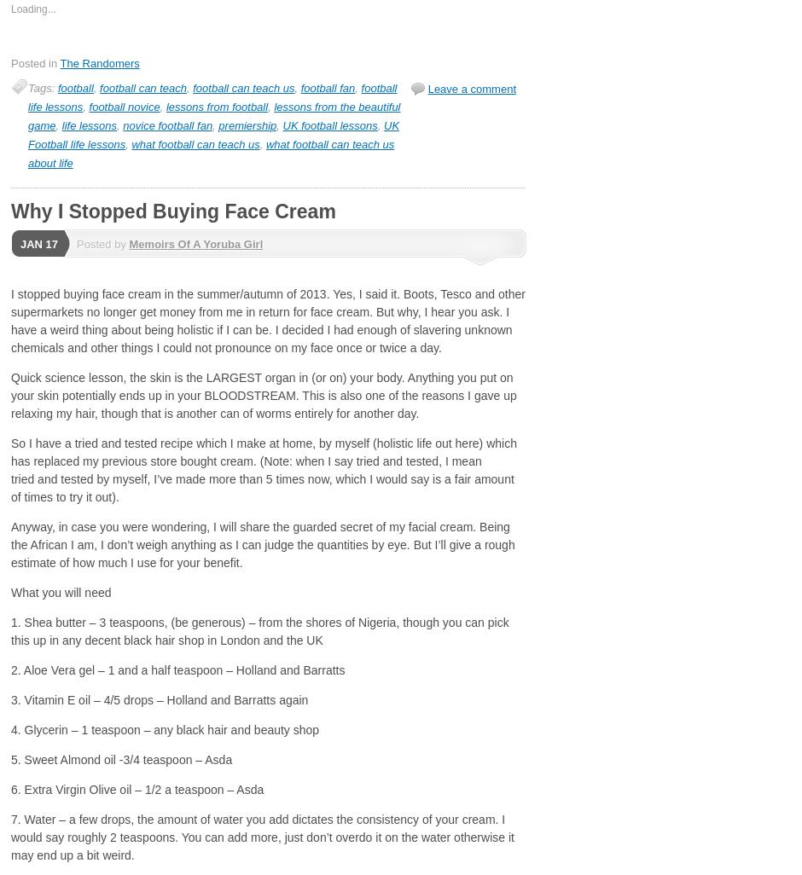 The image size is (802, 875). Describe the element at coordinates (60, 592) in the screenshot. I see `'What you will need'` at that location.